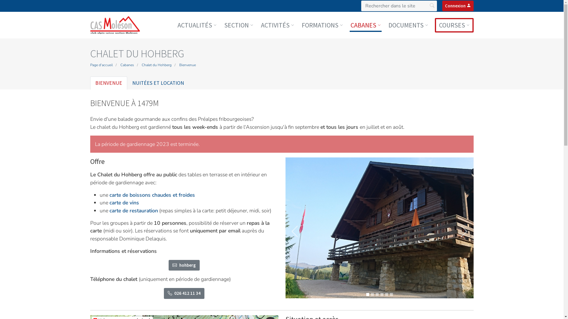 This screenshot has height=319, width=568. Describe the element at coordinates (388, 25) in the screenshot. I see `'DOCUMENTS'` at that location.